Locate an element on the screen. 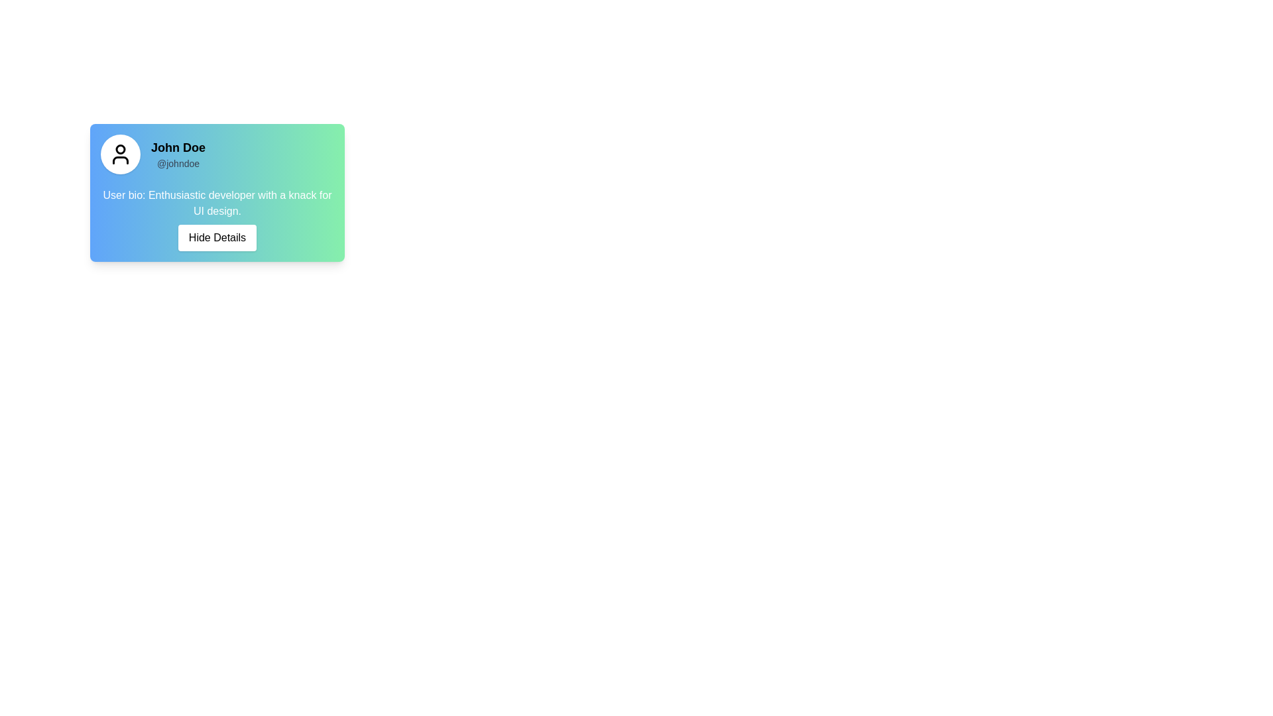  the text label displaying the user bio: 'User bio: Enthusiastic developer with a knack for UI design.' is located at coordinates (217, 204).